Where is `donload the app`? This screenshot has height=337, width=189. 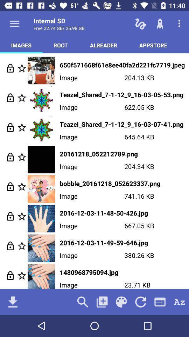 donload the app is located at coordinates (13, 302).